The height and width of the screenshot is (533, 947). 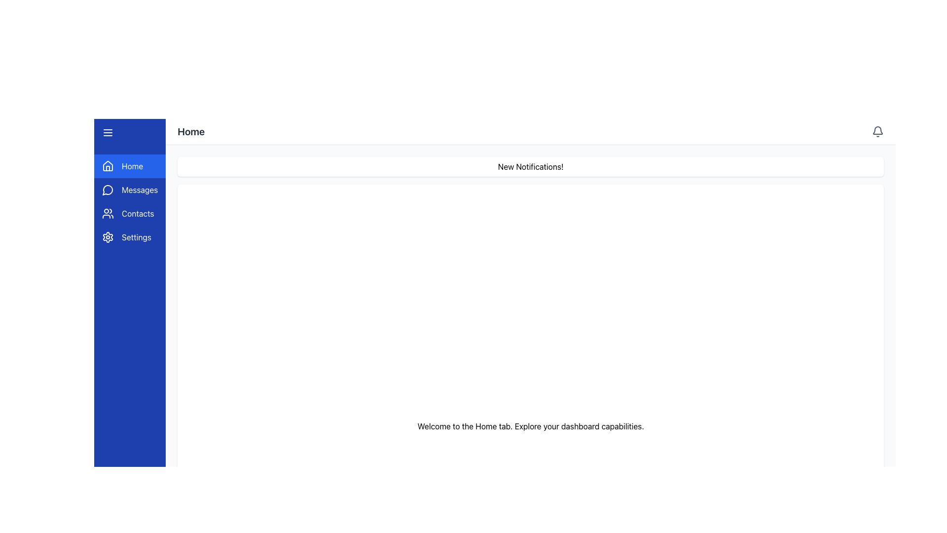 What do you see at coordinates (878, 131) in the screenshot?
I see `the notification bell icon located in the top-right corner of the header bar` at bounding box center [878, 131].